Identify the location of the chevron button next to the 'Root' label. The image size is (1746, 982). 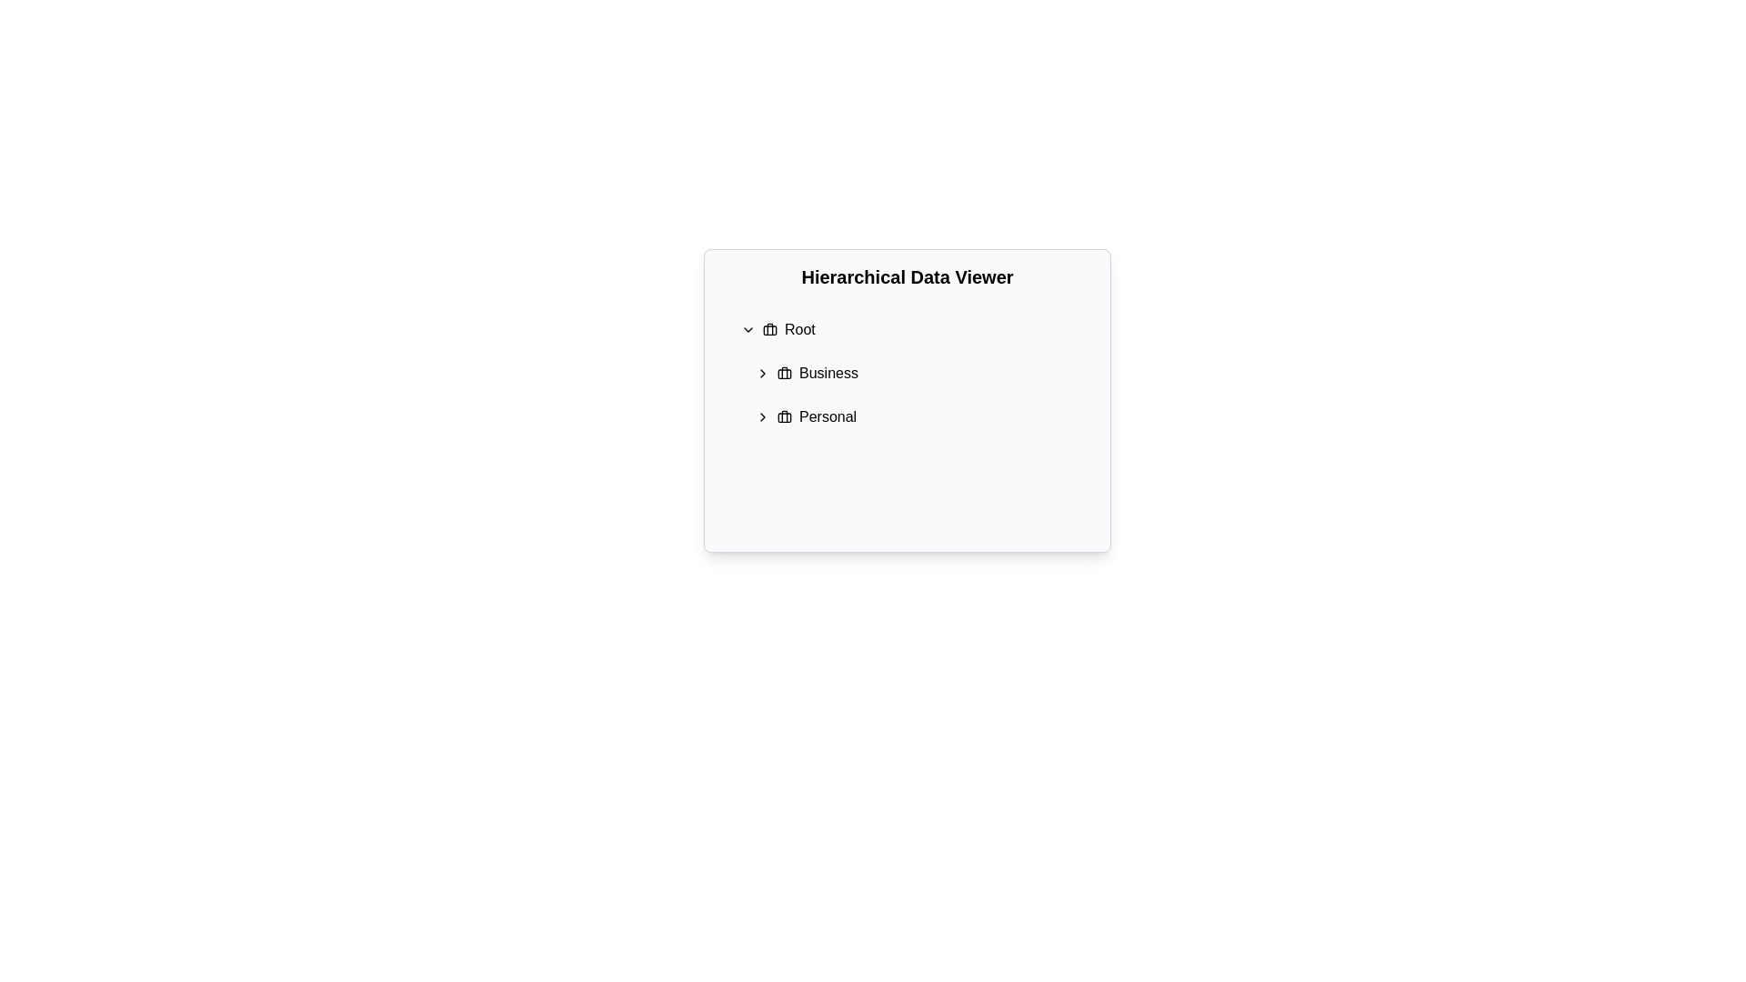
(748, 329).